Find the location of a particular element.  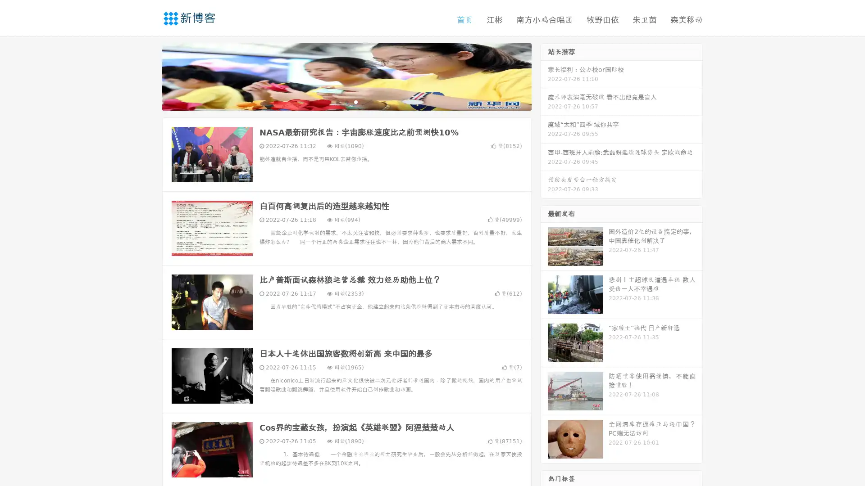

Go to slide 3 is located at coordinates (355, 101).